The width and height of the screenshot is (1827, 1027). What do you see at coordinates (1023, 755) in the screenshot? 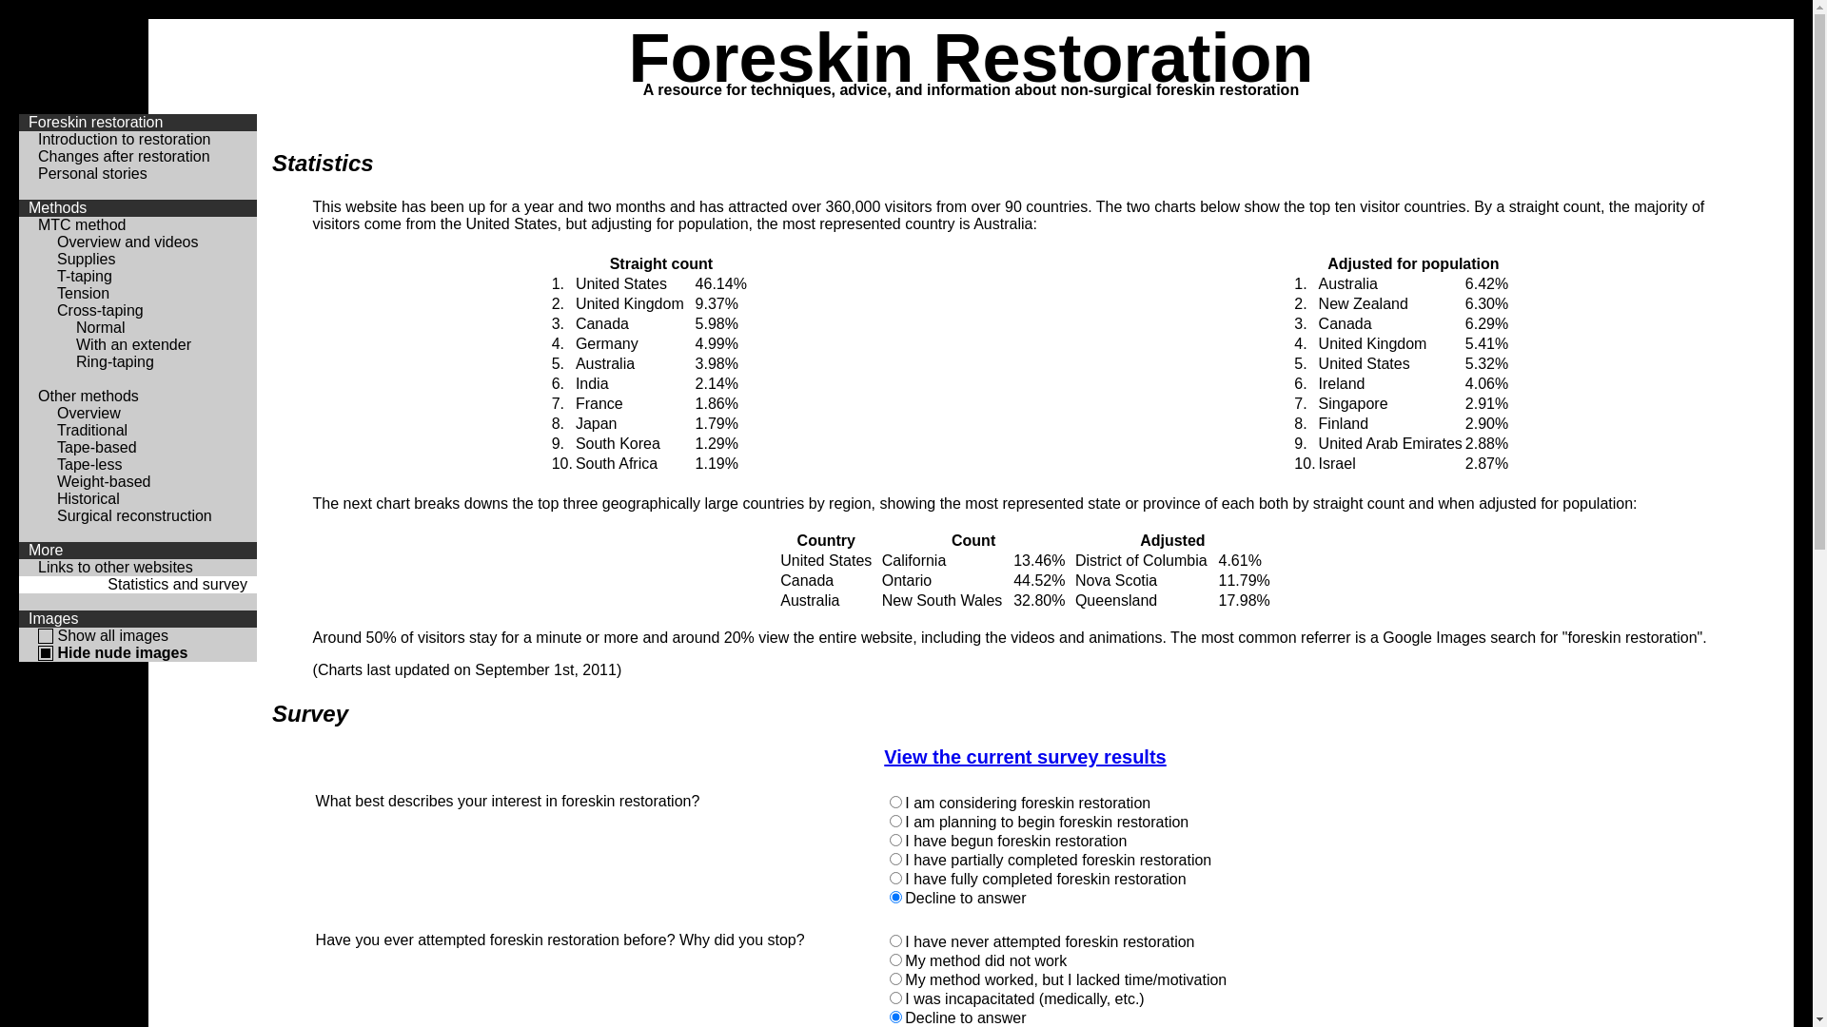
I see `'View the current survey results'` at bounding box center [1023, 755].